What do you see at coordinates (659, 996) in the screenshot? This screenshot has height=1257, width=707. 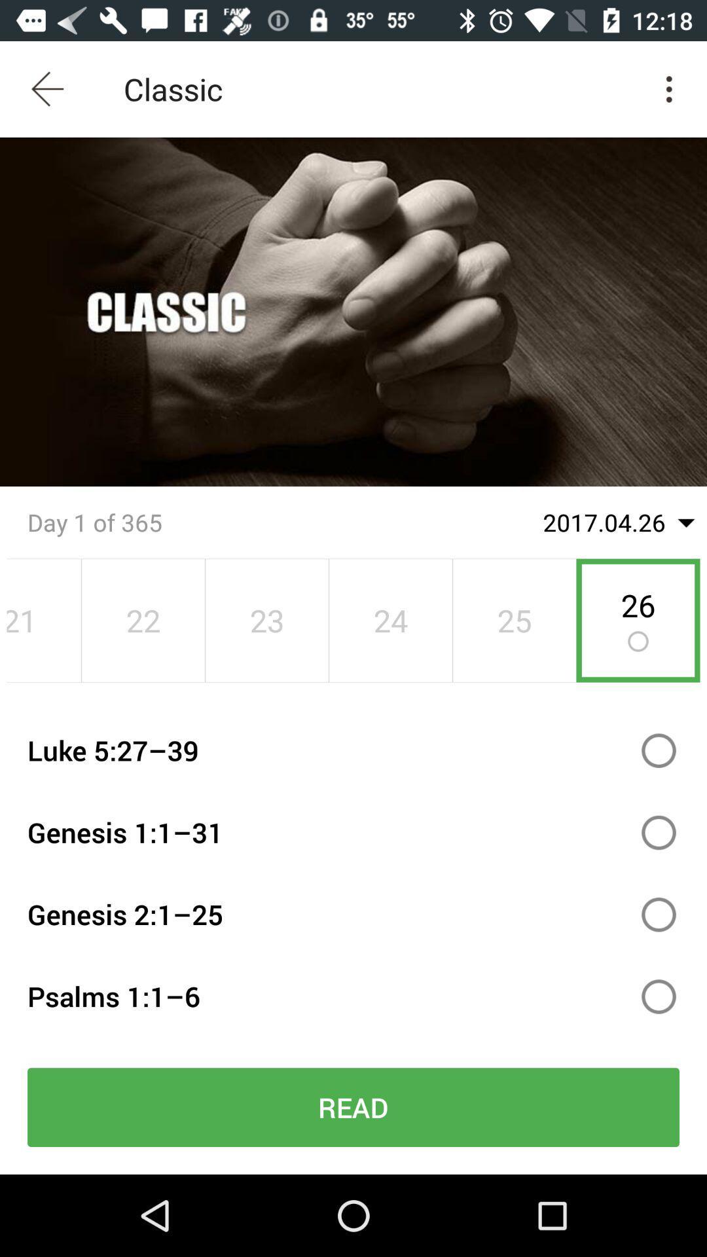 I see `click select` at bounding box center [659, 996].